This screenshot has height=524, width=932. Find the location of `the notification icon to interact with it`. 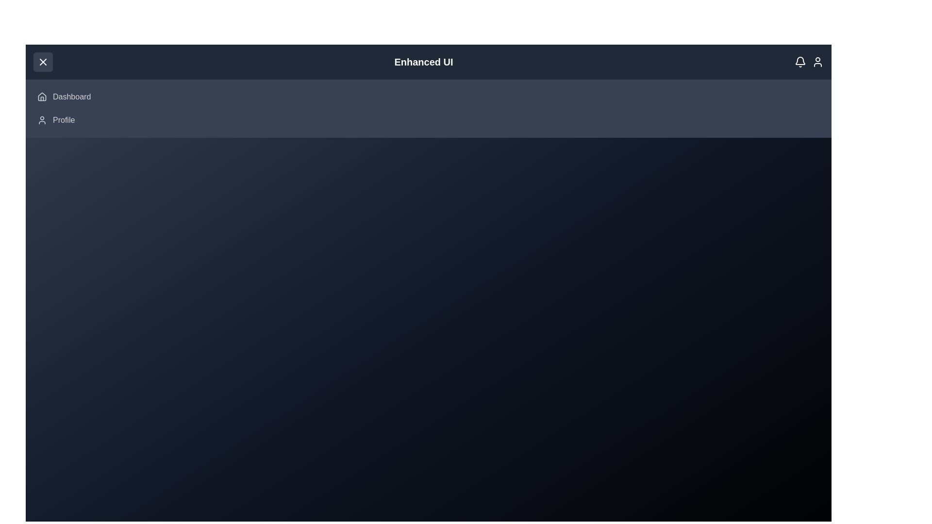

the notification icon to interact with it is located at coordinates (800, 62).